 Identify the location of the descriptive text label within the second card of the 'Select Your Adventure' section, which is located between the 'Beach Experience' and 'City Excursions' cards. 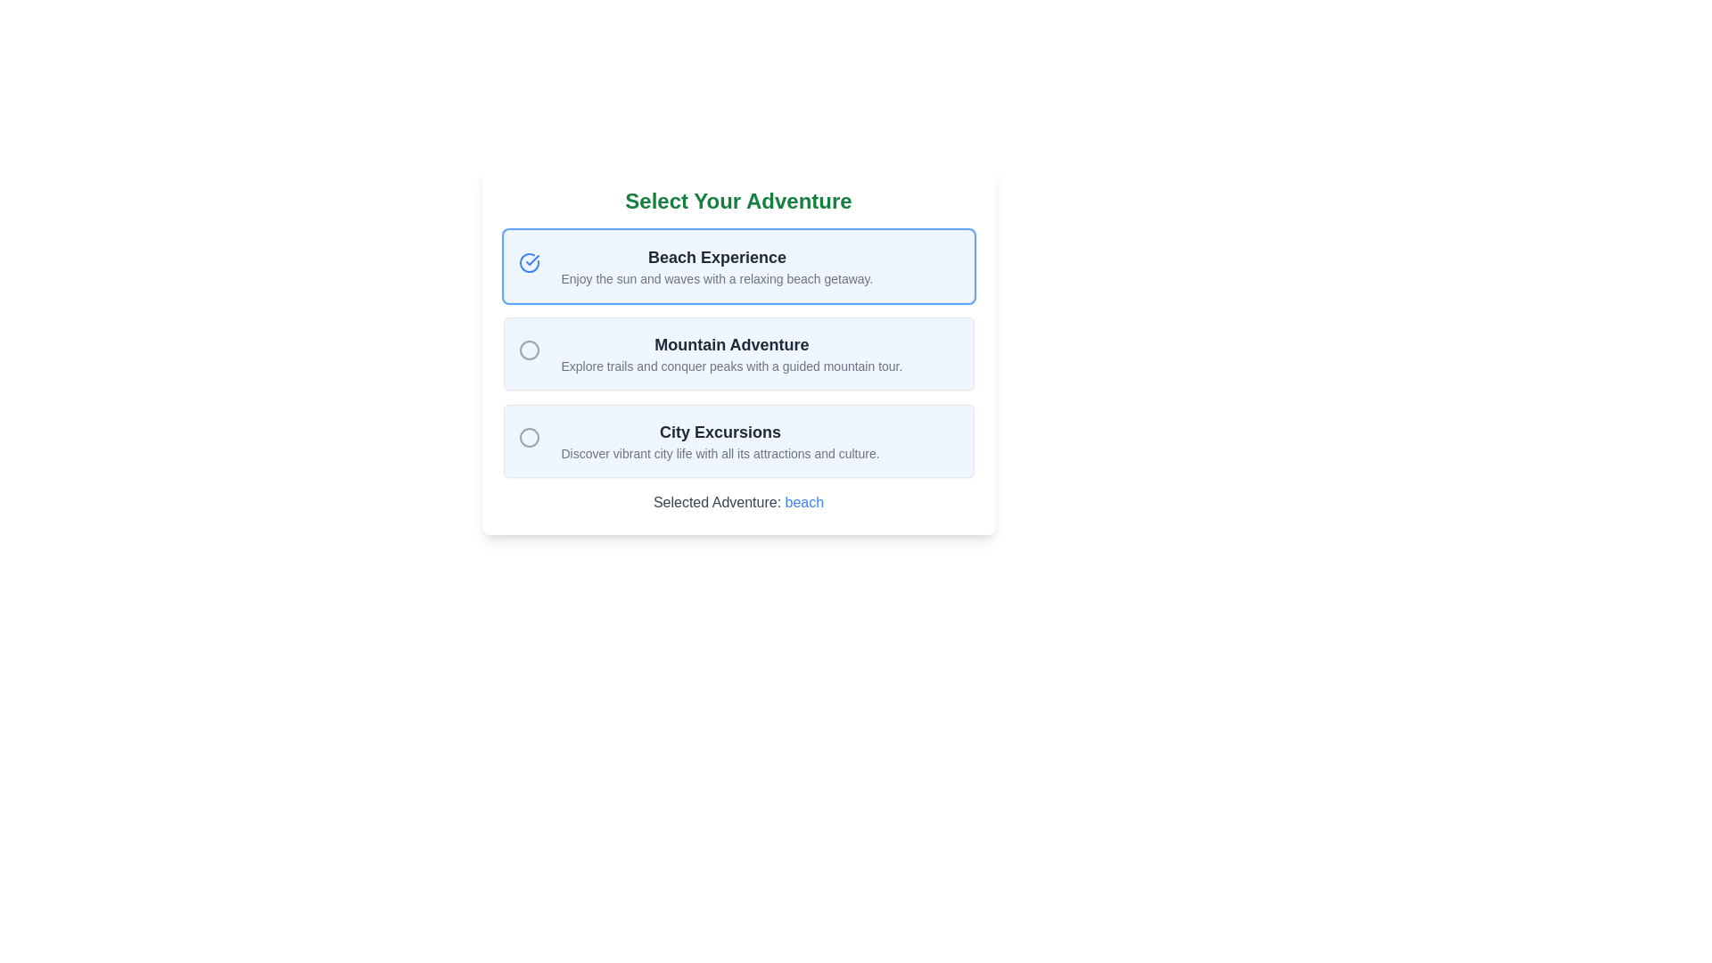
(731, 354).